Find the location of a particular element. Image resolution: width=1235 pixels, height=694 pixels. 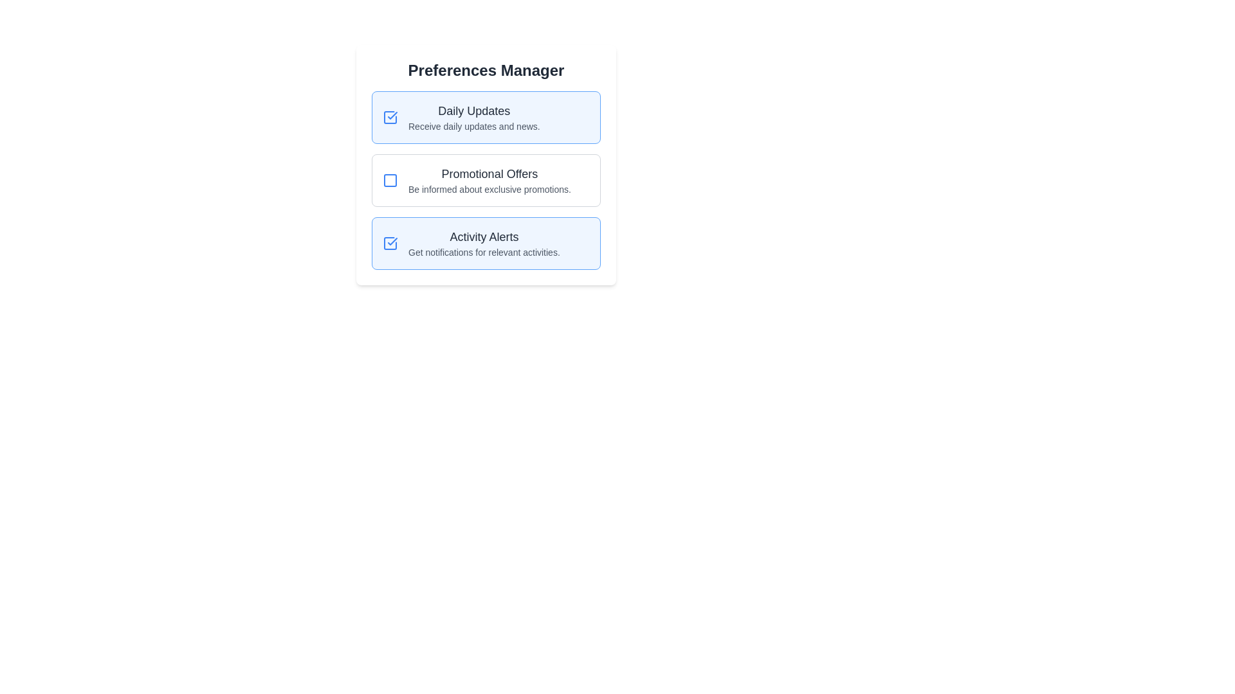

the 'Daily Updates' labeled option with a description is located at coordinates (473, 117).